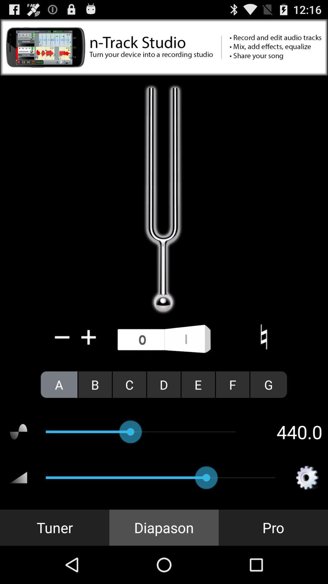 The width and height of the screenshot is (328, 584). I want to click on the icon next to pro icon, so click(164, 527).